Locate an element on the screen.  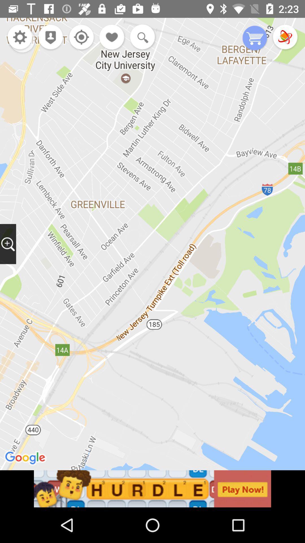
like button is located at coordinates (112, 37).